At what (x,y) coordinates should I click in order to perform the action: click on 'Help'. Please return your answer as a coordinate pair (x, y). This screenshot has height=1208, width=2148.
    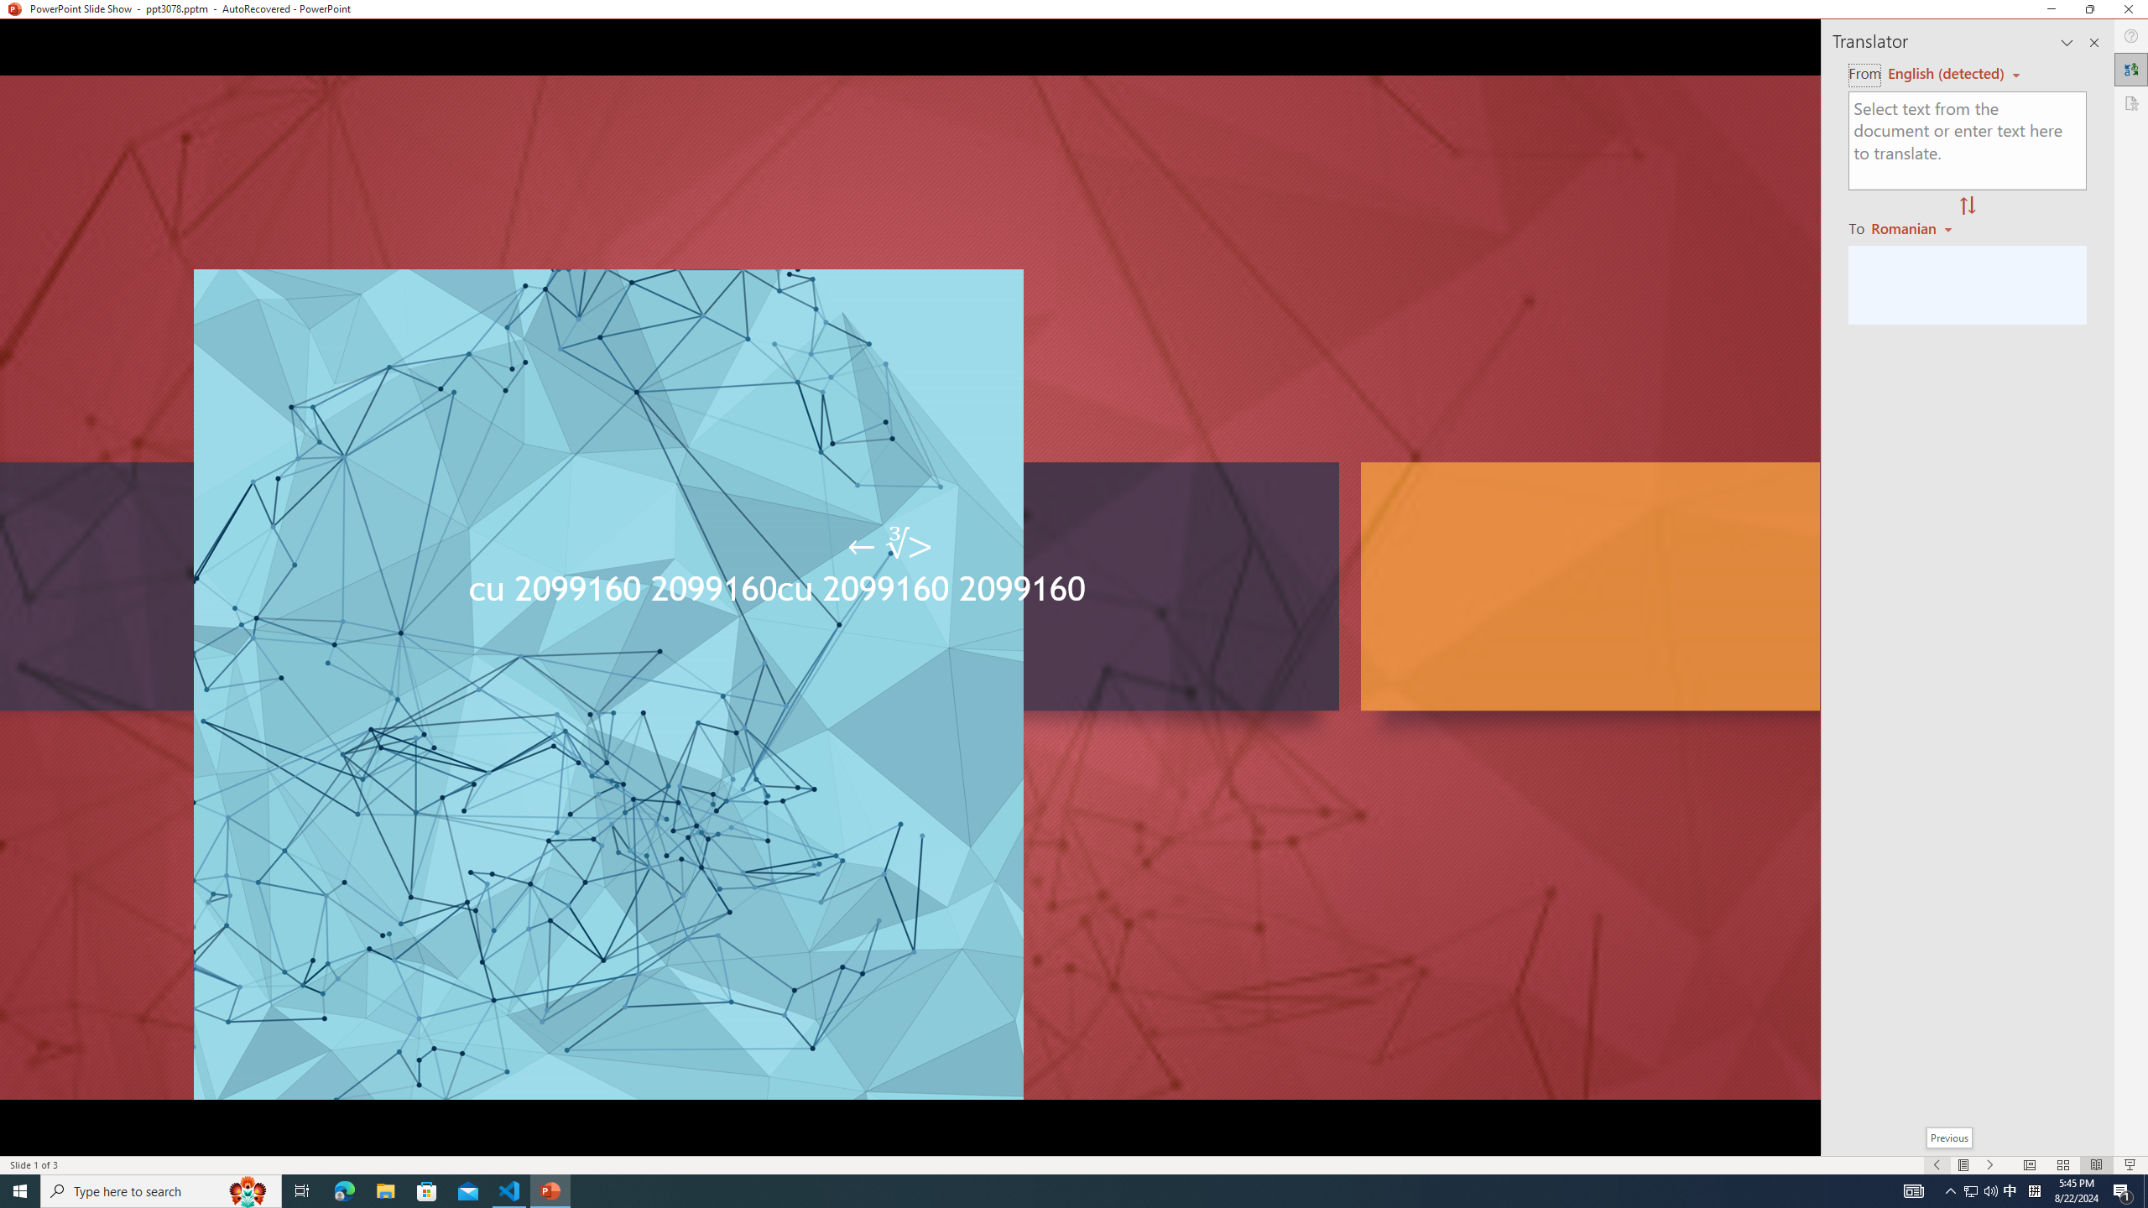
    Looking at the image, I should click on (2130, 35).